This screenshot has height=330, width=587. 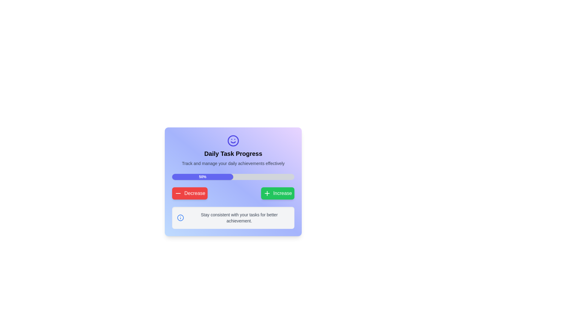 I want to click on the leftmost button in a row of two buttons to decrease the numerical value or progress level, so click(x=190, y=193).